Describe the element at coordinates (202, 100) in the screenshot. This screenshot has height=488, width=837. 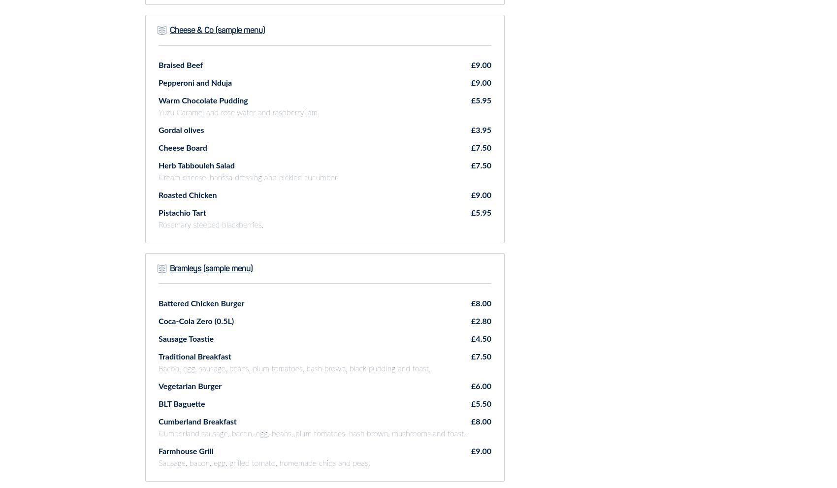
I see `'Warm Chocolate Pudding'` at that location.